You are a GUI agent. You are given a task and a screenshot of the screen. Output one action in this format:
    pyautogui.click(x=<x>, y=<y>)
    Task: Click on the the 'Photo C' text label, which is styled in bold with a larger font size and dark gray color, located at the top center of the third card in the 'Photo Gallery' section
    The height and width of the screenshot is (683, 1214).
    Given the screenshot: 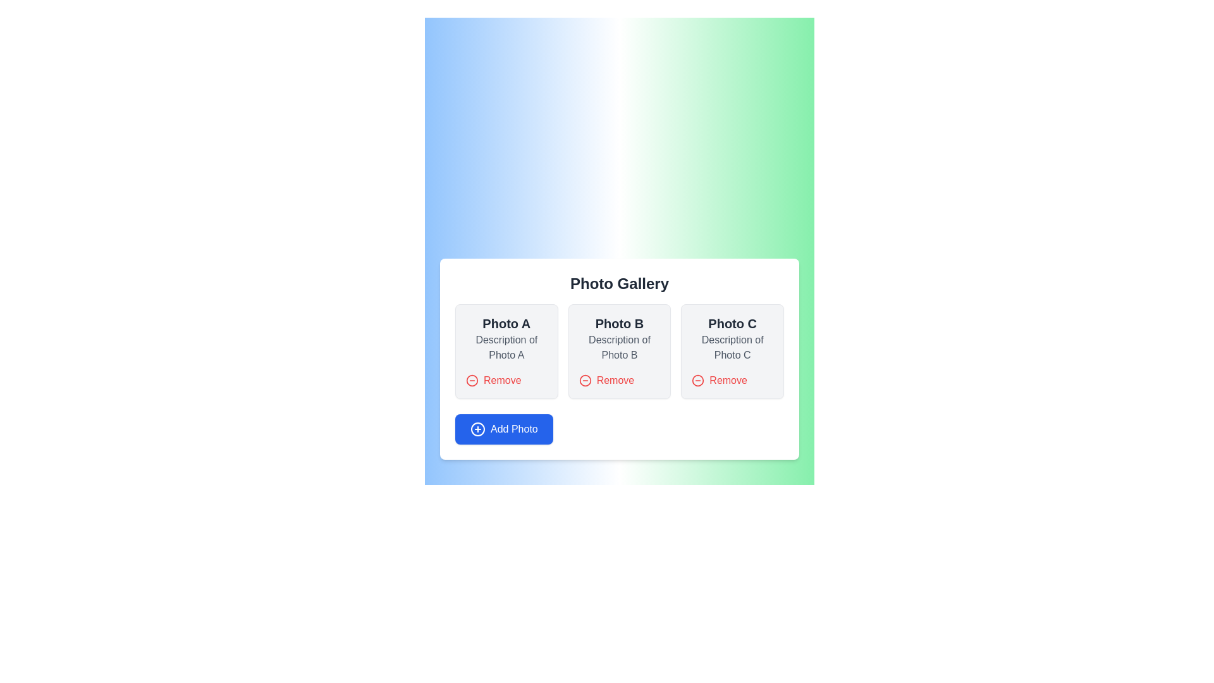 What is the action you would take?
    pyautogui.click(x=732, y=323)
    